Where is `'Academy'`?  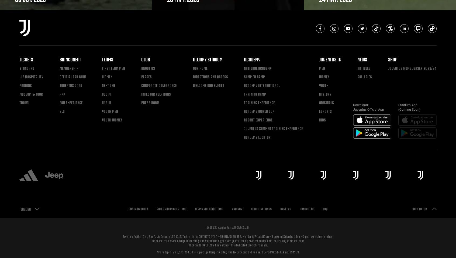 'Academy' is located at coordinates (252, 58).